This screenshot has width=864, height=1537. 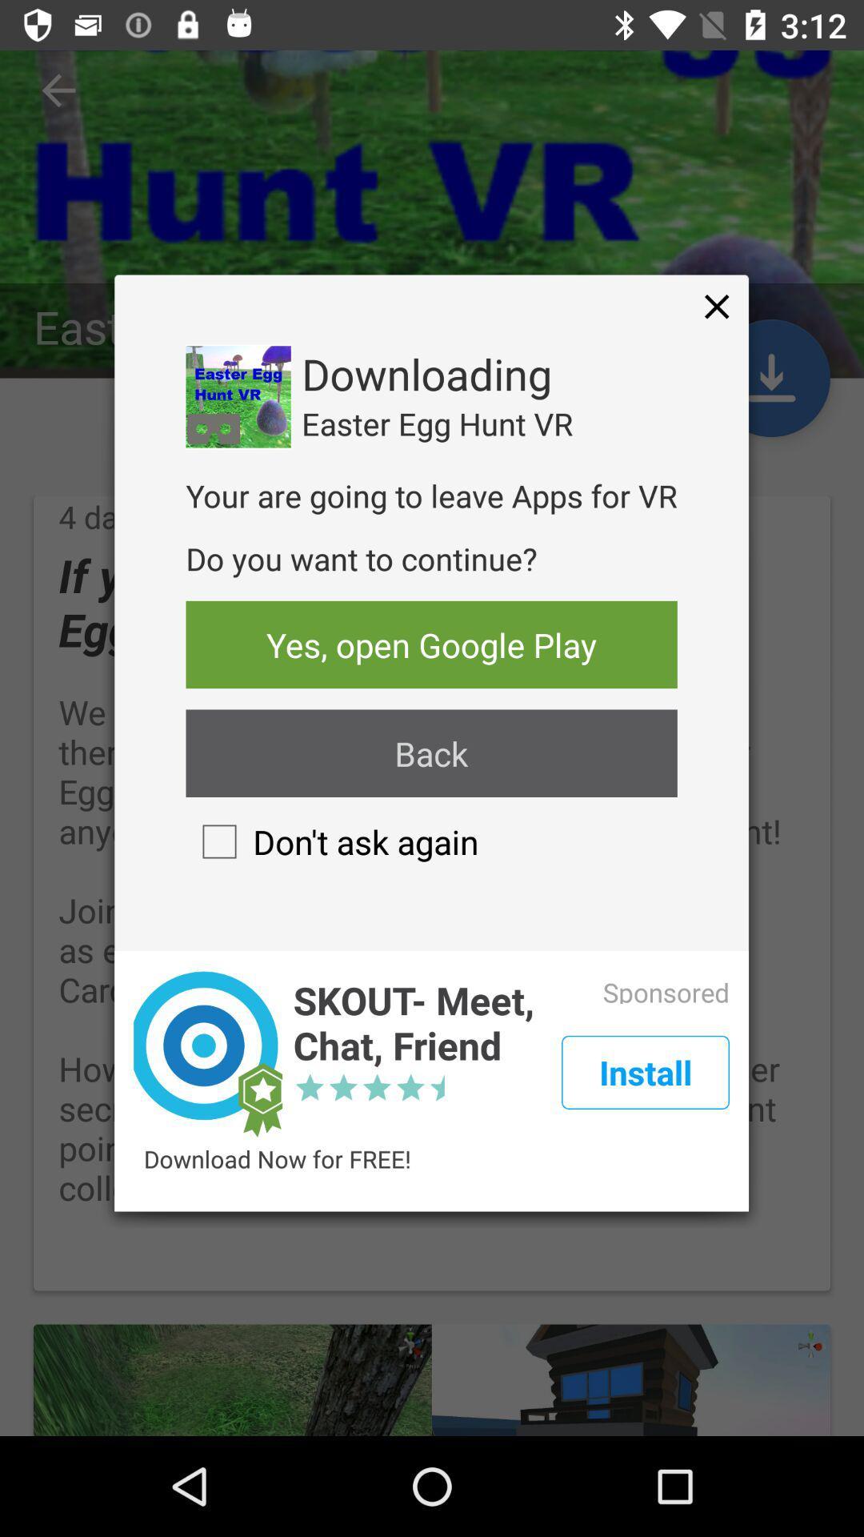 I want to click on the item above the sponsored icon, so click(x=716, y=307).